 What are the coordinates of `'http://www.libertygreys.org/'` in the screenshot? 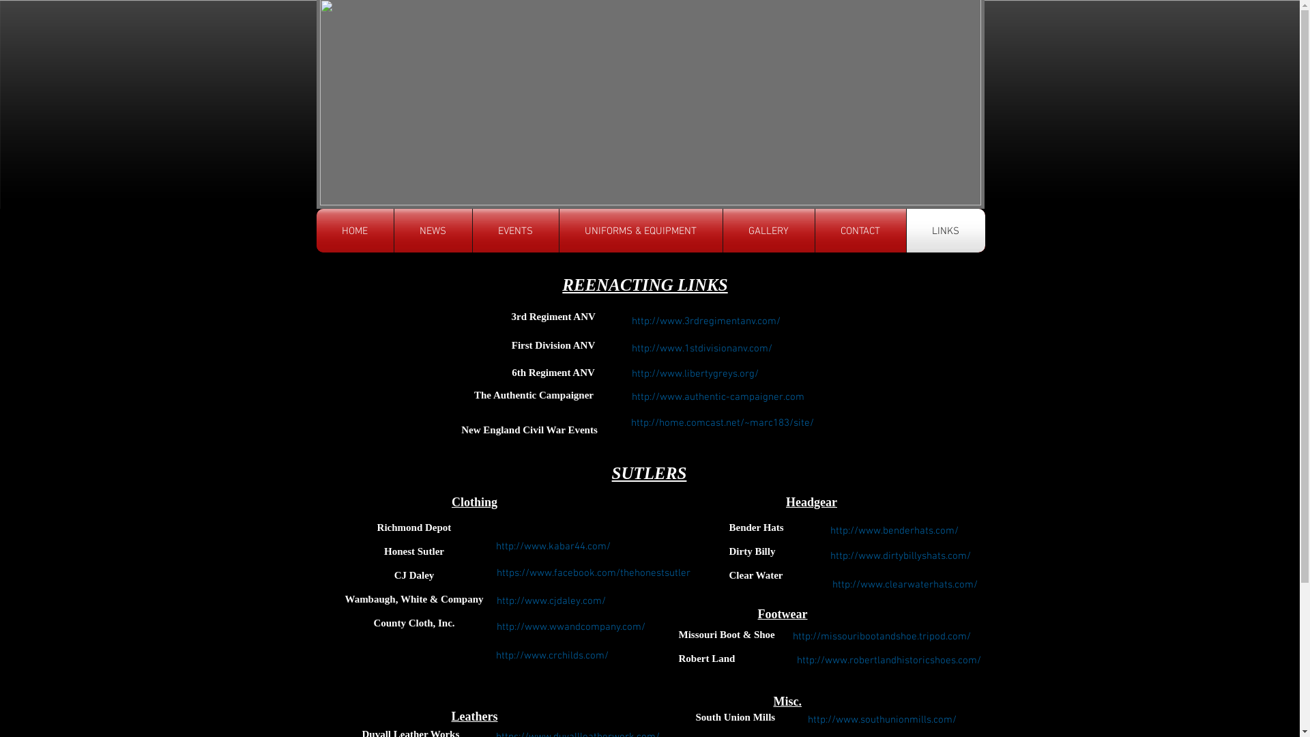 It's located at (695, 373).